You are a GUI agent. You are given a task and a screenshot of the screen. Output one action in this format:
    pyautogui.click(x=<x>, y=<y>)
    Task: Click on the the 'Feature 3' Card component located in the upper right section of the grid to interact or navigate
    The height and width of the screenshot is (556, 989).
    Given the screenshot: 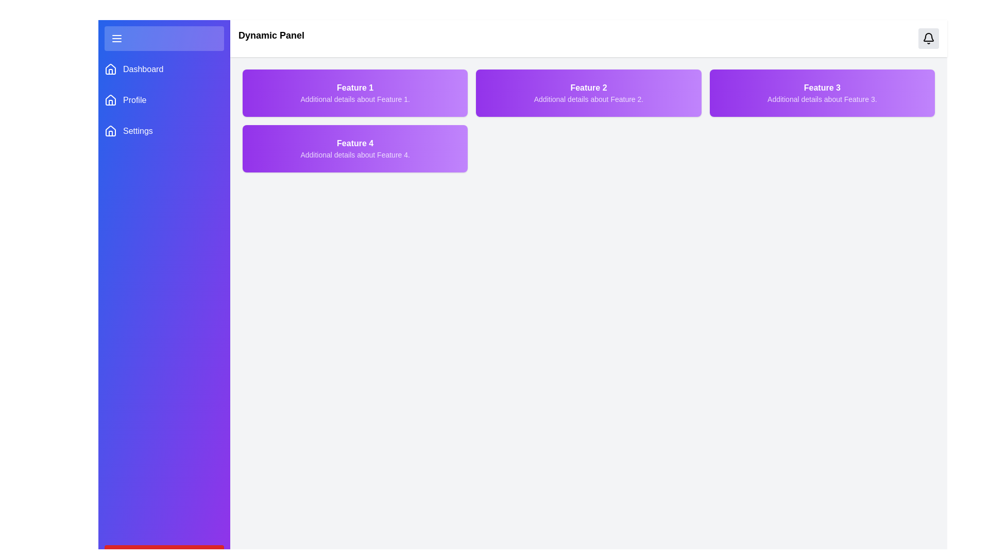 What is the action you would take?
    pyautogui.click(x=822, y=93)
    